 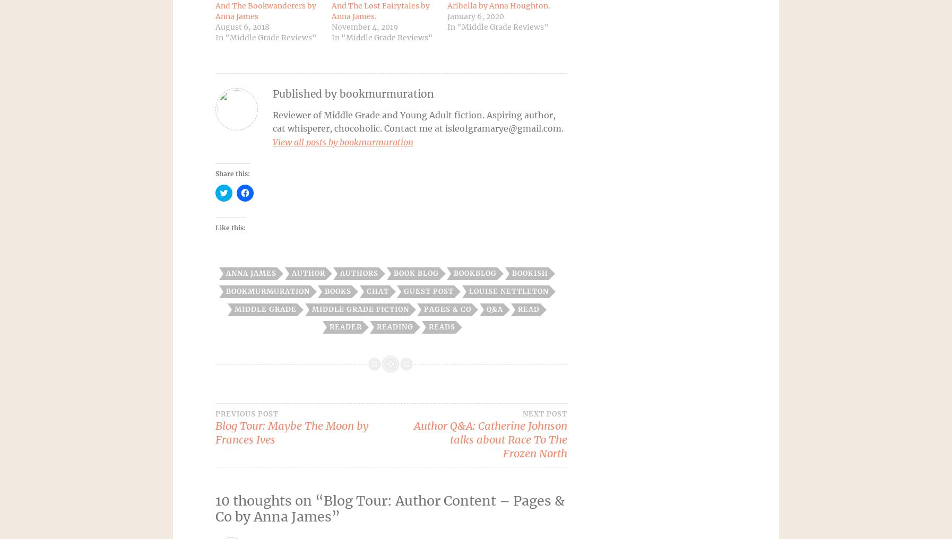 What do you see at coordinates (232, 173) in the screenshot?
I see `'Share this:'` at bounding box center [232, 173].